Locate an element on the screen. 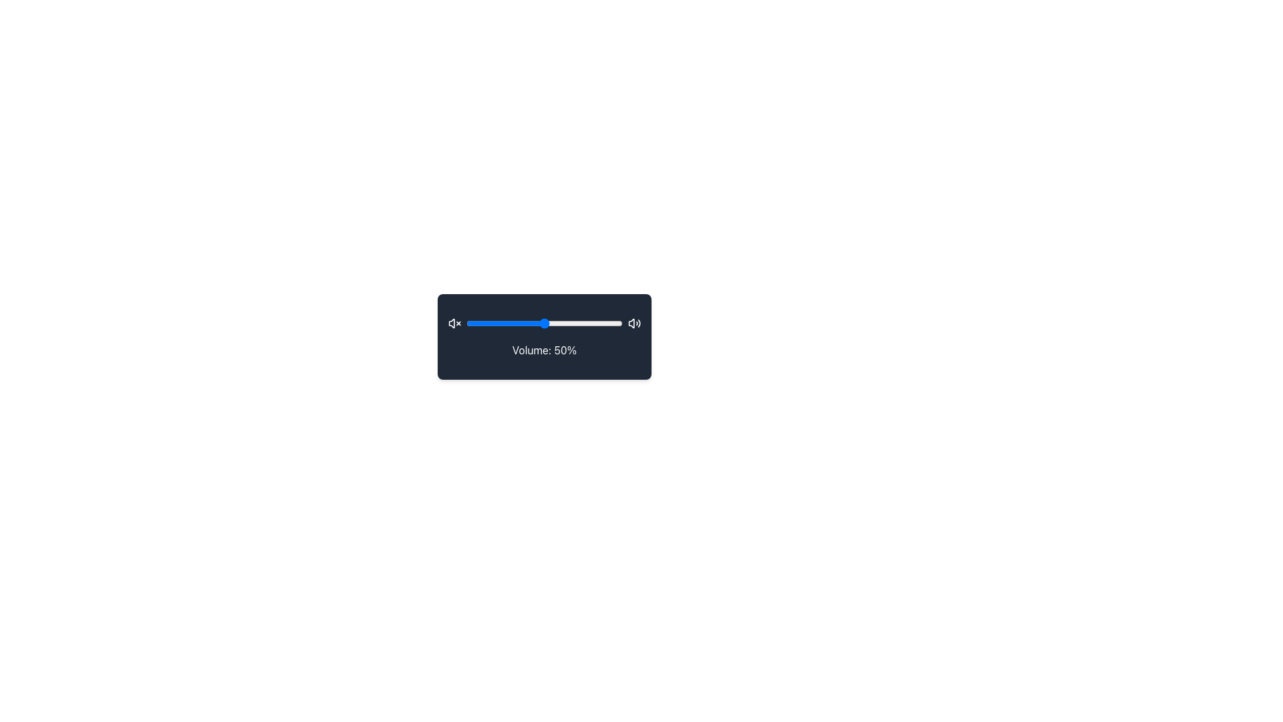 This screenshot has width=1283, height=722. loudspeaker SVG icon with sound waves, which is located at the far-right of the volume control interface, by clicking on it is located at coordinates (633, 323).